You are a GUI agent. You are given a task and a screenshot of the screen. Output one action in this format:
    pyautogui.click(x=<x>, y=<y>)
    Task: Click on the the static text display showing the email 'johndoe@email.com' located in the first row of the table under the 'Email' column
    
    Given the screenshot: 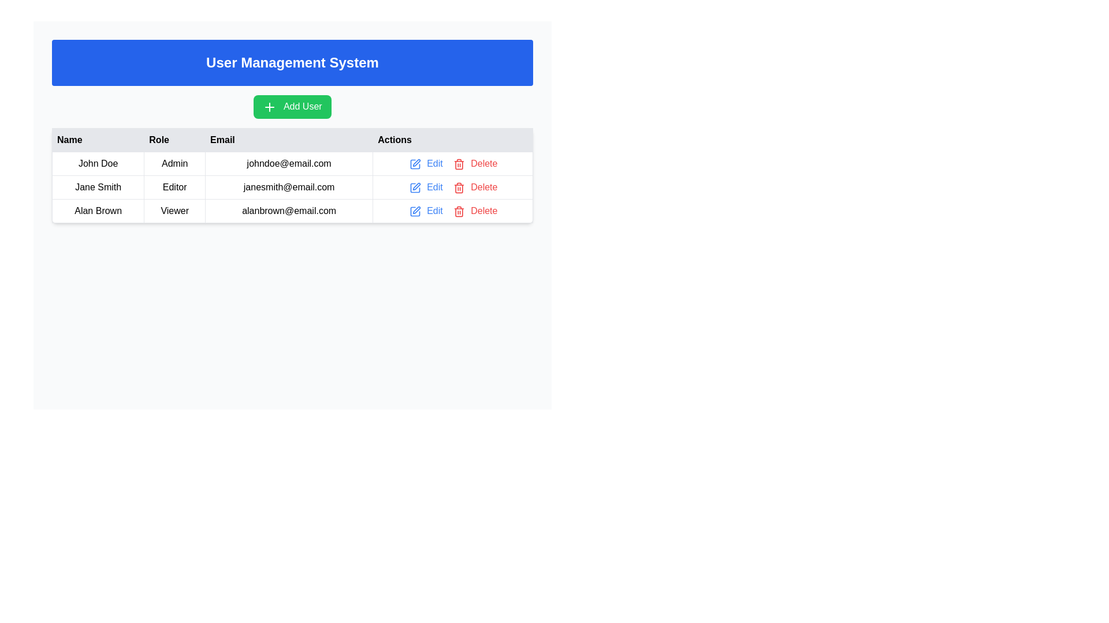 What is the action you would take?
    pyautogui.click(x=289, y=163)
    